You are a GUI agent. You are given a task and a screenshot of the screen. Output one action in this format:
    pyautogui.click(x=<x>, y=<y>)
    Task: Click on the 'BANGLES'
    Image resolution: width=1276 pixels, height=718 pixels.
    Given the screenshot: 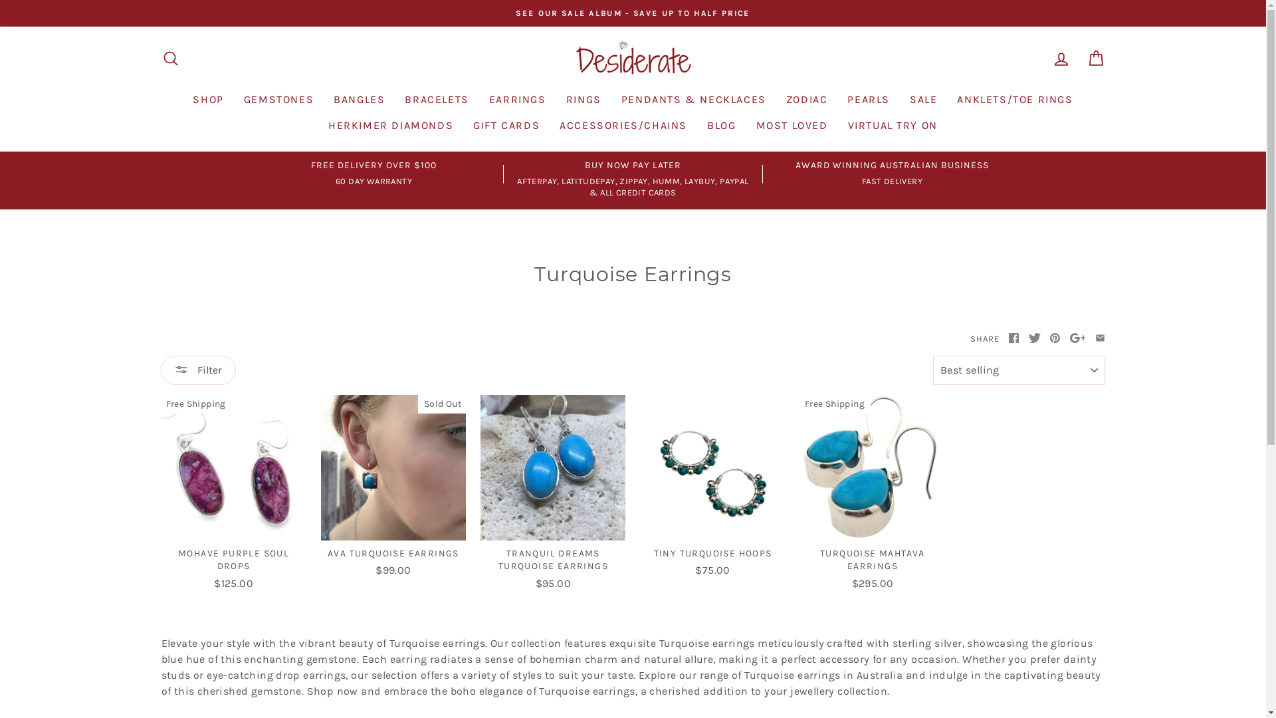 What is the action you would take?
    pyautogui.click(x=359, y=98)
    